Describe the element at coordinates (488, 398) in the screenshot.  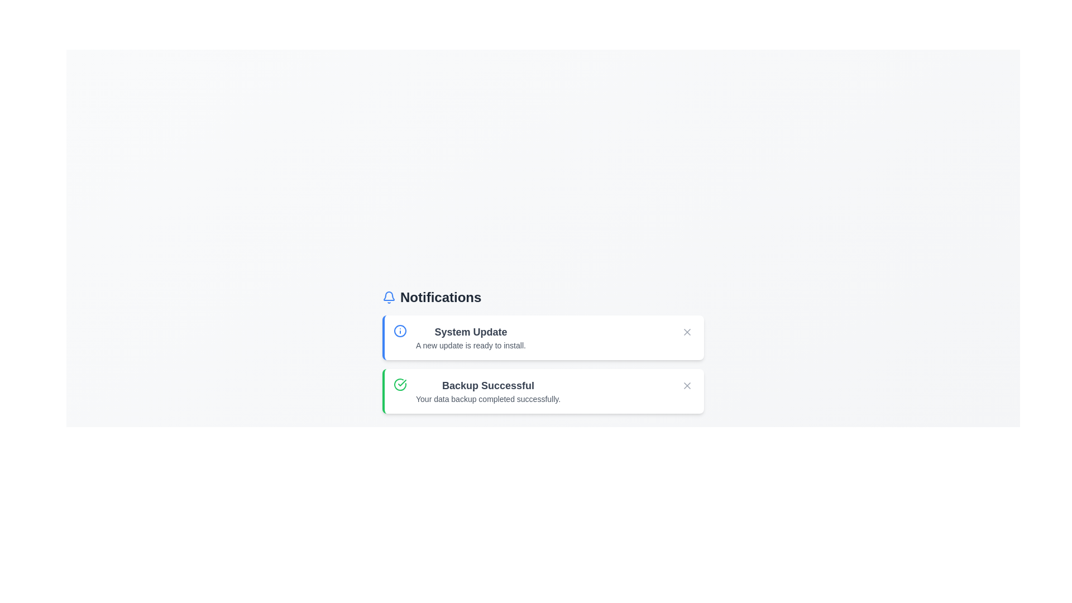
I see `the text message 'Your data backup completed successfully.' which is styled in gray and located within the notification card, positioned below the headline 'Backup Successful'` at that location.